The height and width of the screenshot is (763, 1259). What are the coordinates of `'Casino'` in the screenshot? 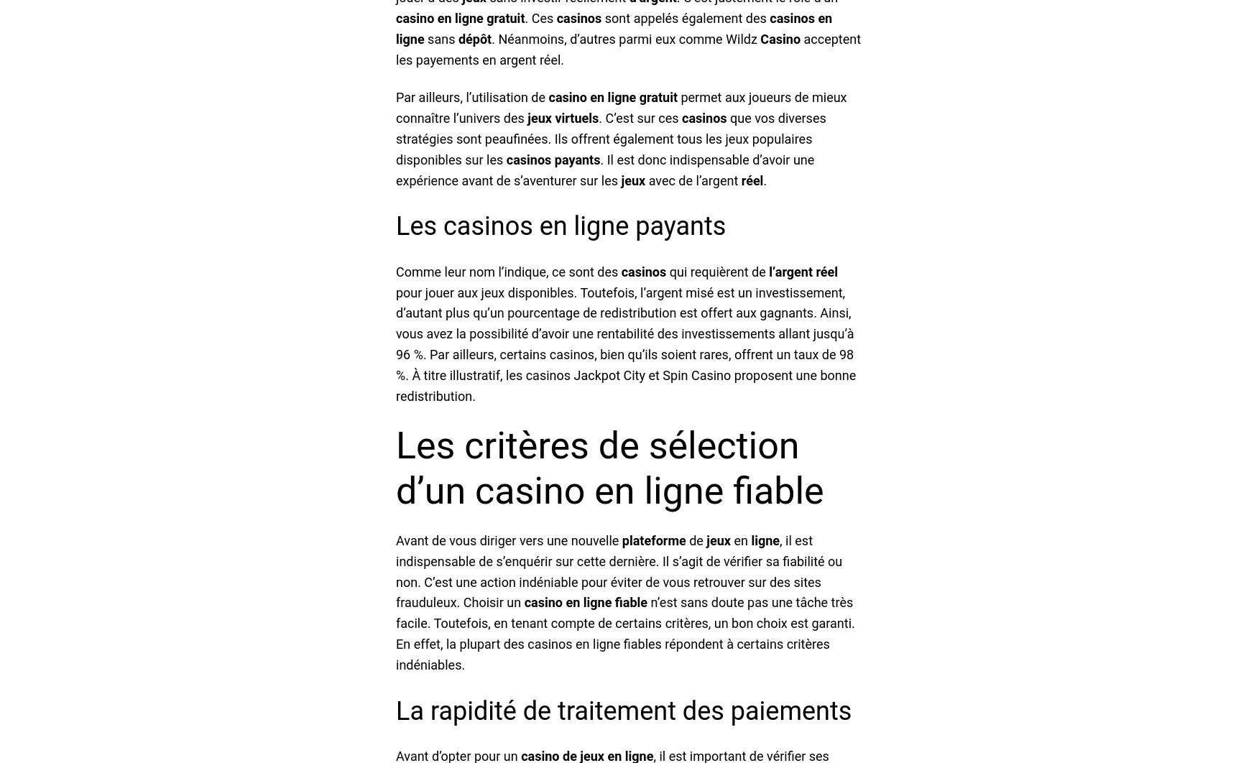 It's located at (780, 38).